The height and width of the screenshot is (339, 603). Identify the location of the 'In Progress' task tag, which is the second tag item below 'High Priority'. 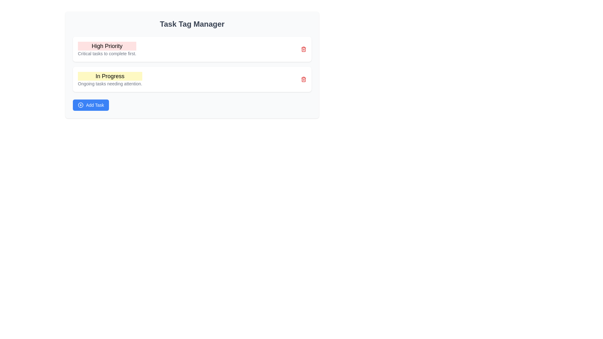
(110, 79).